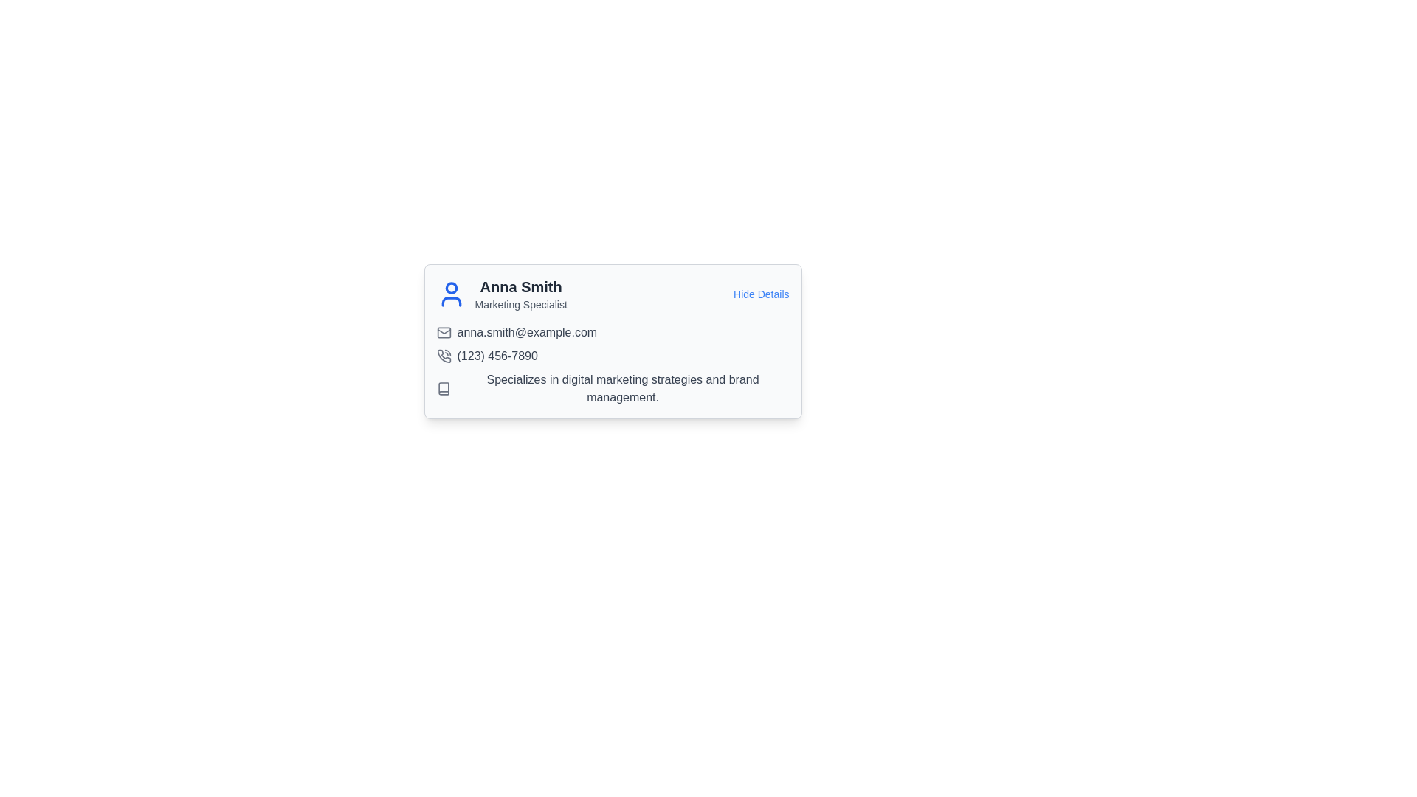 The width and height of the screenshot is (1417, 797). I want to click on icon located to the left of the text 'Specializes in digital marketing strategies and brand management.', so click(443, 388).